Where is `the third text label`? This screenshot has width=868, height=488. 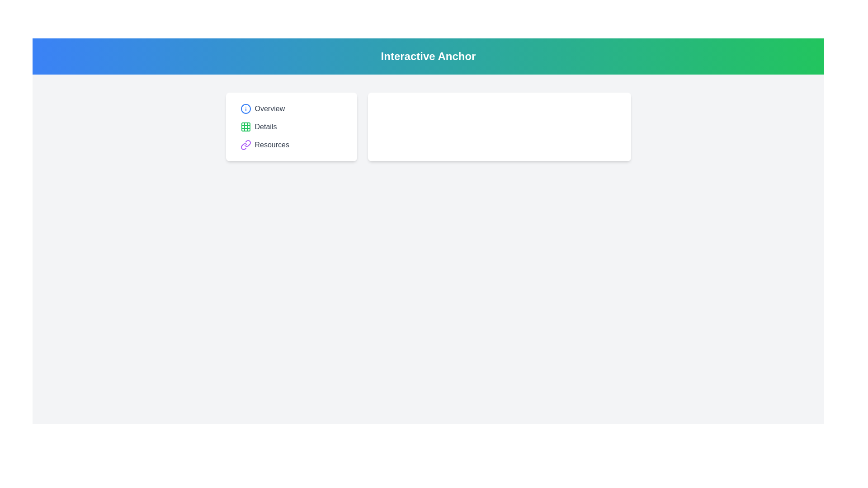 the third text label is located at coordinates (271, 144).